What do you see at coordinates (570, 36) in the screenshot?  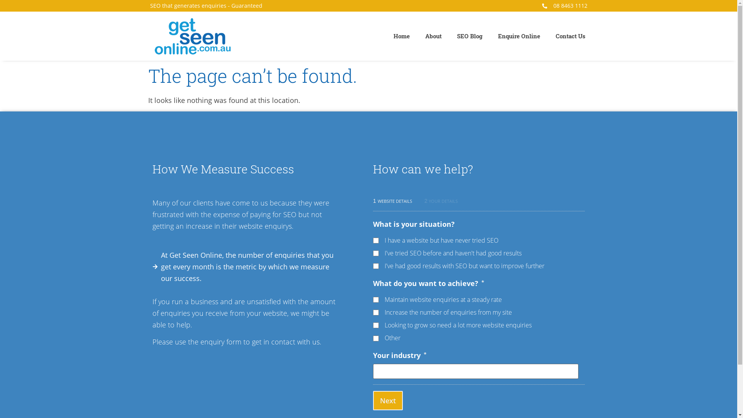 I see `'Contact Us'` at bounding box center [570, 36].